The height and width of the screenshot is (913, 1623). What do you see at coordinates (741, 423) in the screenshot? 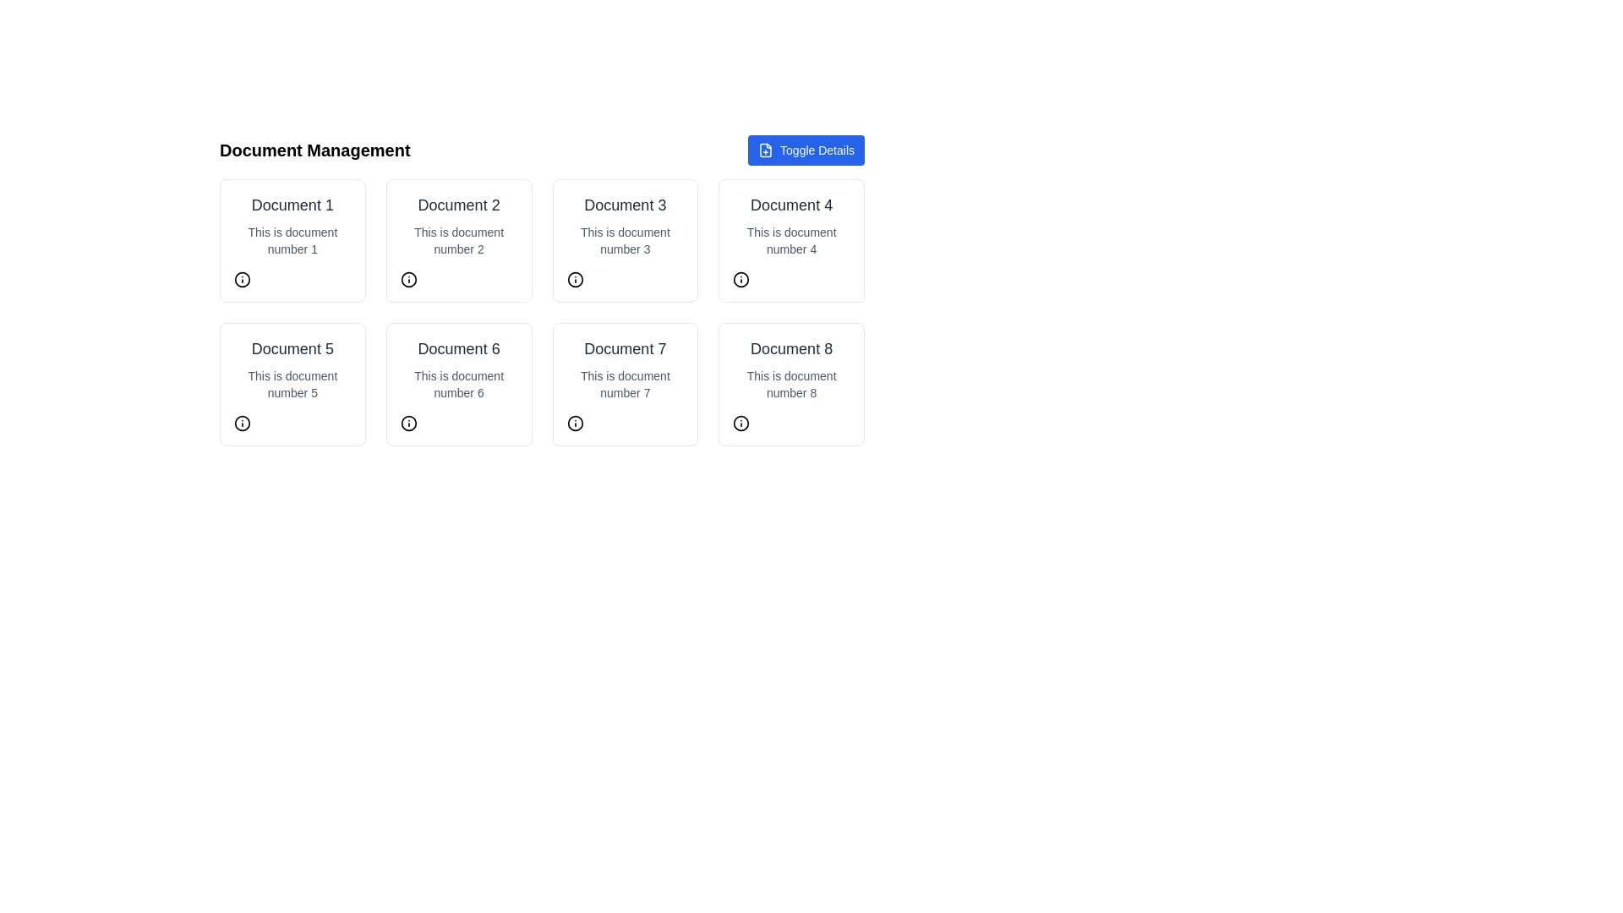
I see `the information icon located at the lower-right corner inside the card titled 'Document 8' in the second row of the grid layout` at bounding box center [741, 423].